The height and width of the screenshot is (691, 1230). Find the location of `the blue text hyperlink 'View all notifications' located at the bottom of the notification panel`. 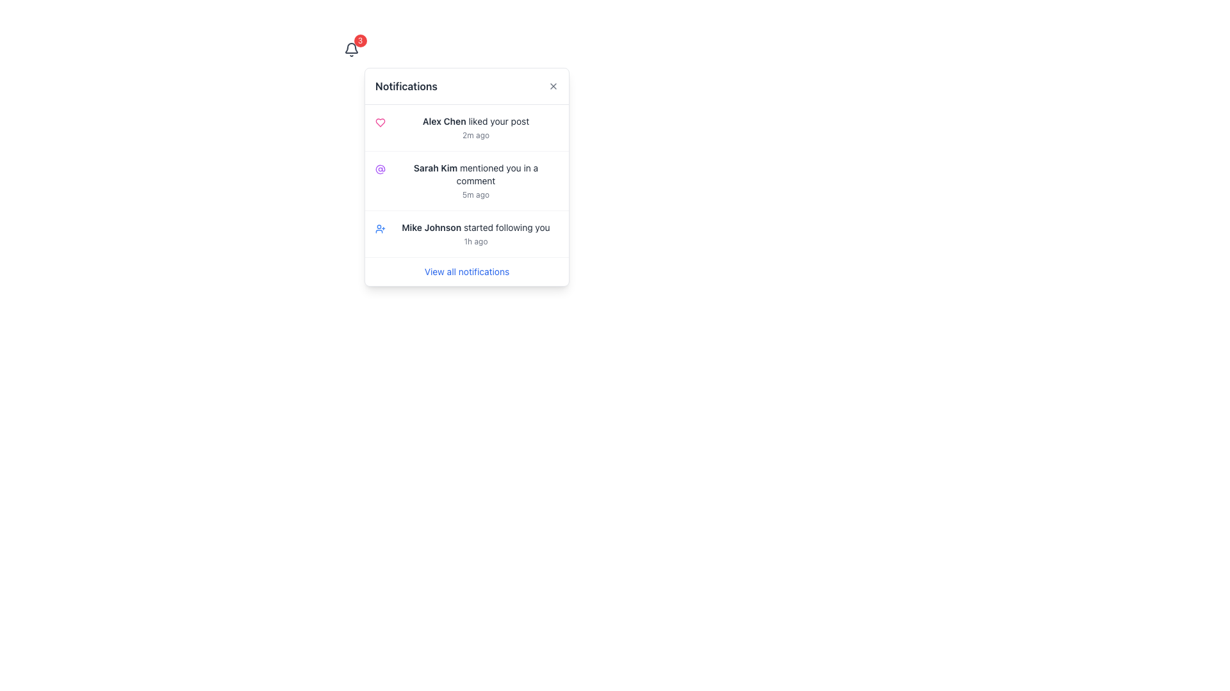

the blue text hyperlink 'View all notifications' located at the bottom of the notification panel is located at coordinates (466, 271).